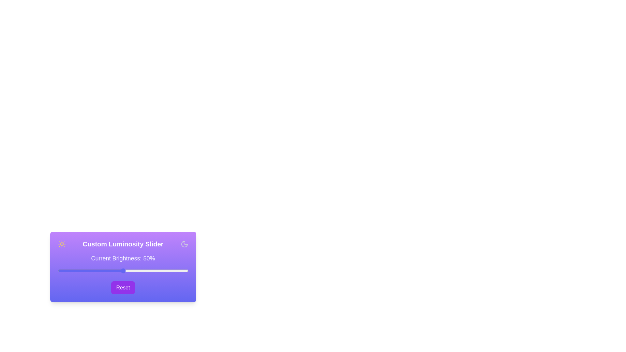 Image resolution: width=626 pixels, height=352 pixels. Describe the element at coordinates (77, 271) in the screenshot. I see `brightness` at that location.